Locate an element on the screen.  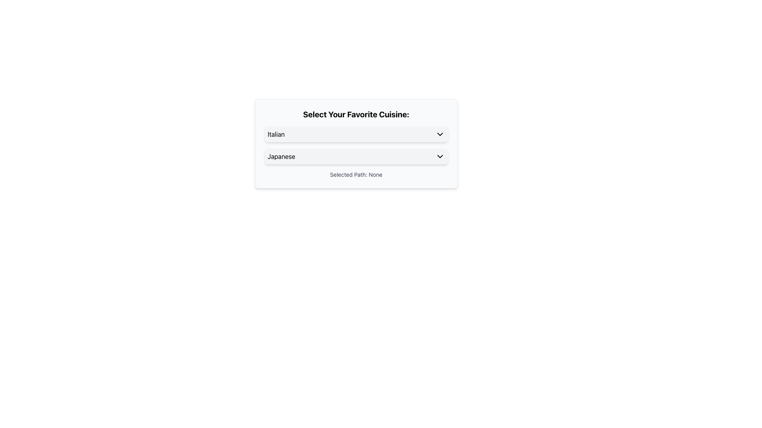
the Dropdown trigger icon located at the far-right side of the 'Italian' option is located at coordinates (439, 134).